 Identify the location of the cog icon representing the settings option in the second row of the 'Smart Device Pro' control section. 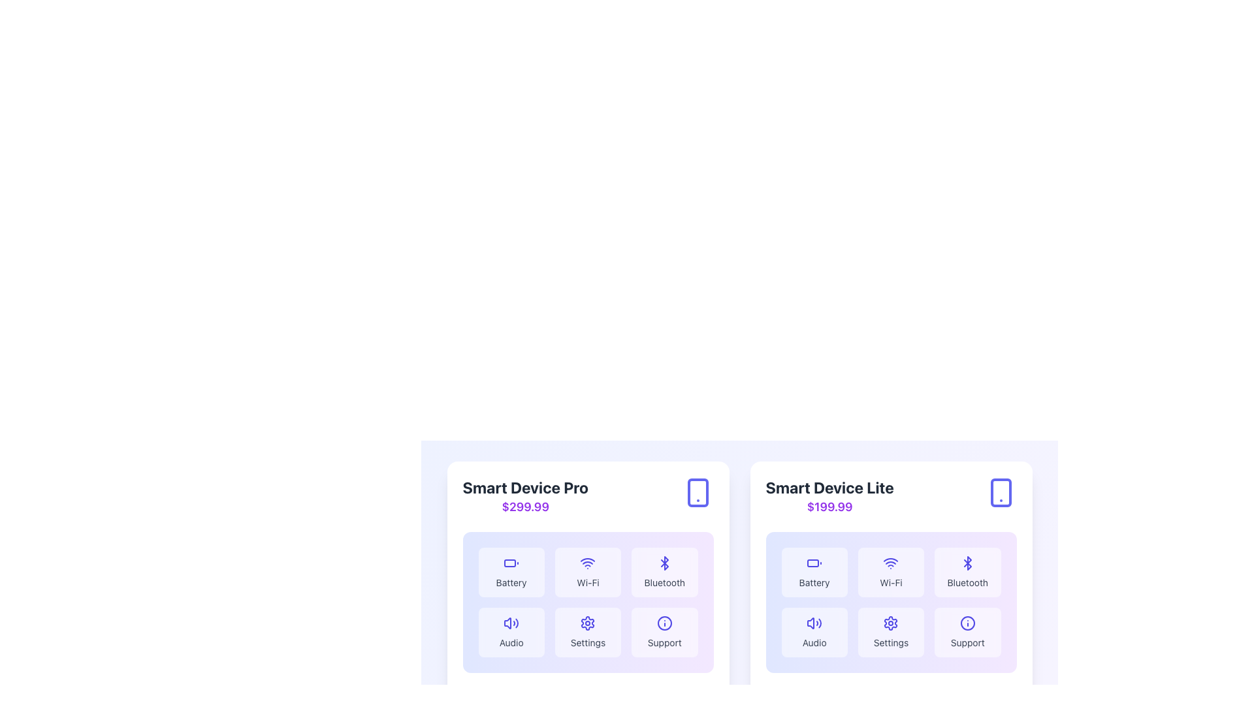
(587, 623).